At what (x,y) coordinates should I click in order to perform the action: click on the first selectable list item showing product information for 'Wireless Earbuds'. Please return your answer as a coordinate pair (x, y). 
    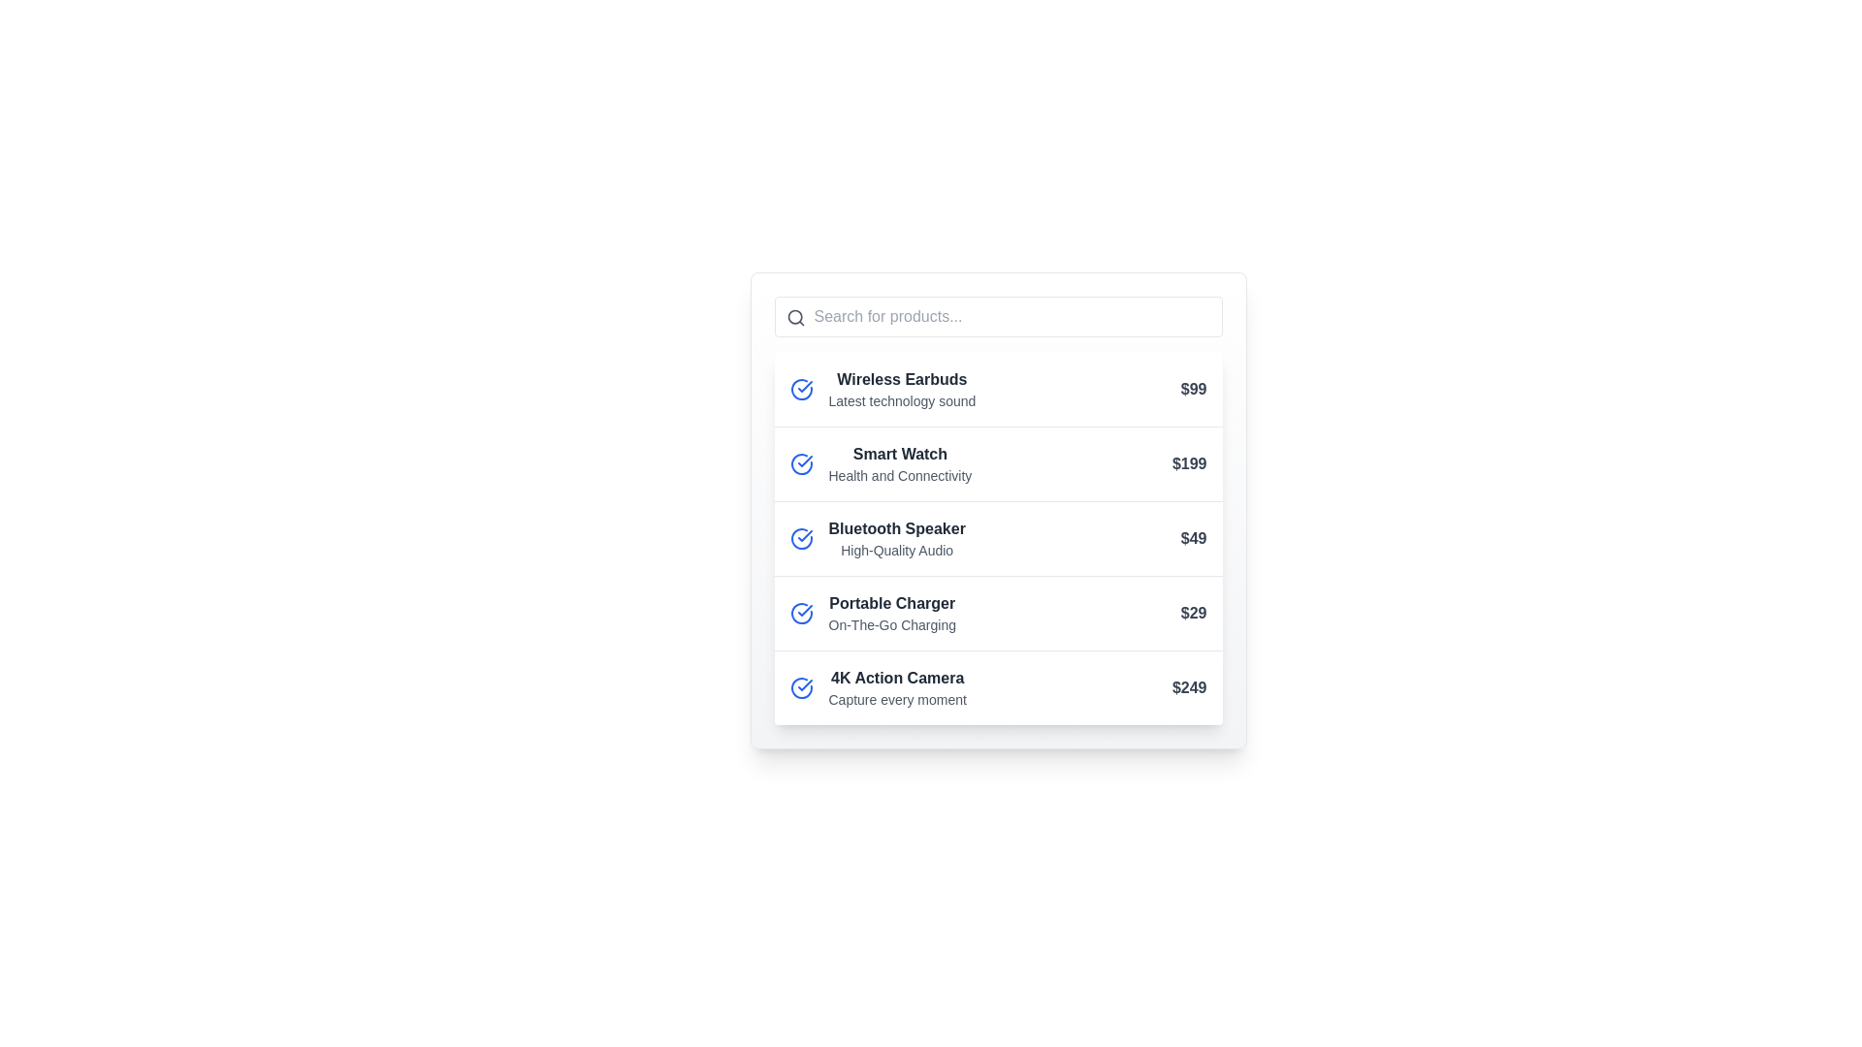
    Looking at the image, I should click on (998, 389).